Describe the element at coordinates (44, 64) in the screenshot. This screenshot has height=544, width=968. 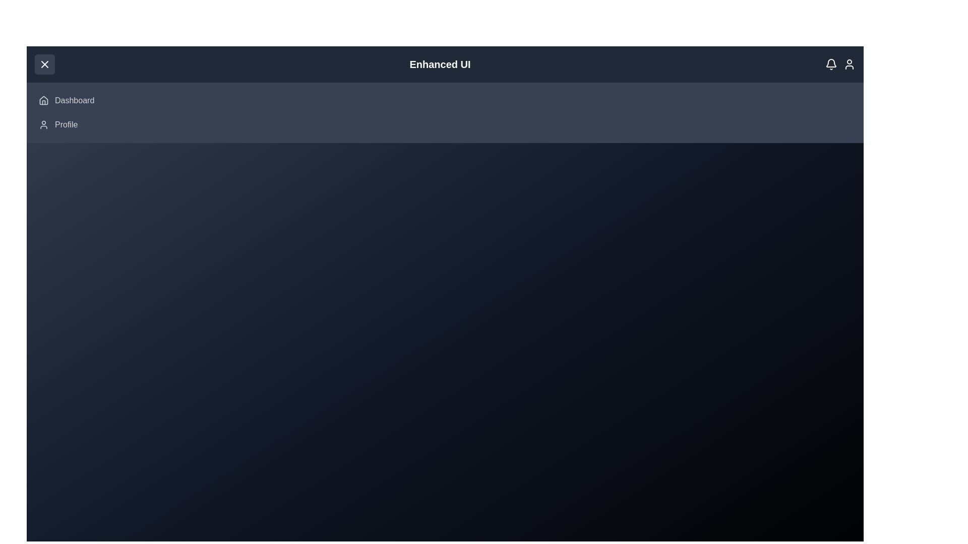
I see `the menu button to toggle the menu visibility` at that location.